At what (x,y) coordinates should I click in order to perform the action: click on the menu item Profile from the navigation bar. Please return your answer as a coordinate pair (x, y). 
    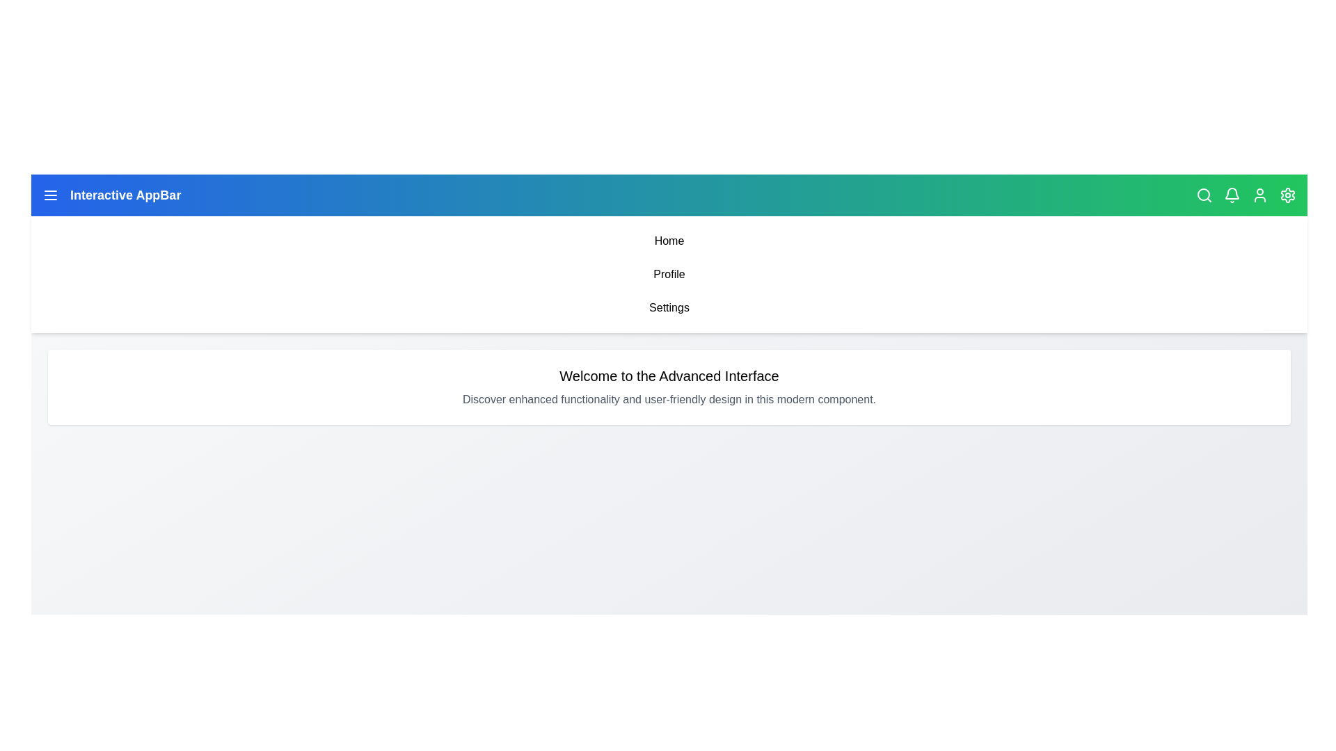
    Looking at the image, I should click on (669, 274).